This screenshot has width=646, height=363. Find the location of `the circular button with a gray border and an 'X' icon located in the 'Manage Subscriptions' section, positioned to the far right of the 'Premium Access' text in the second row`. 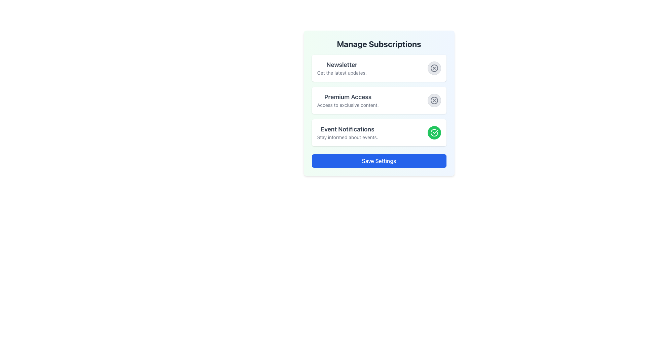

the circular button with a gray border and an 'X' icon located in the 'Manage Subscriptions' section, positioned to the far right of the 'Premium Access' text in the second row is located at coordinates (434, 100).